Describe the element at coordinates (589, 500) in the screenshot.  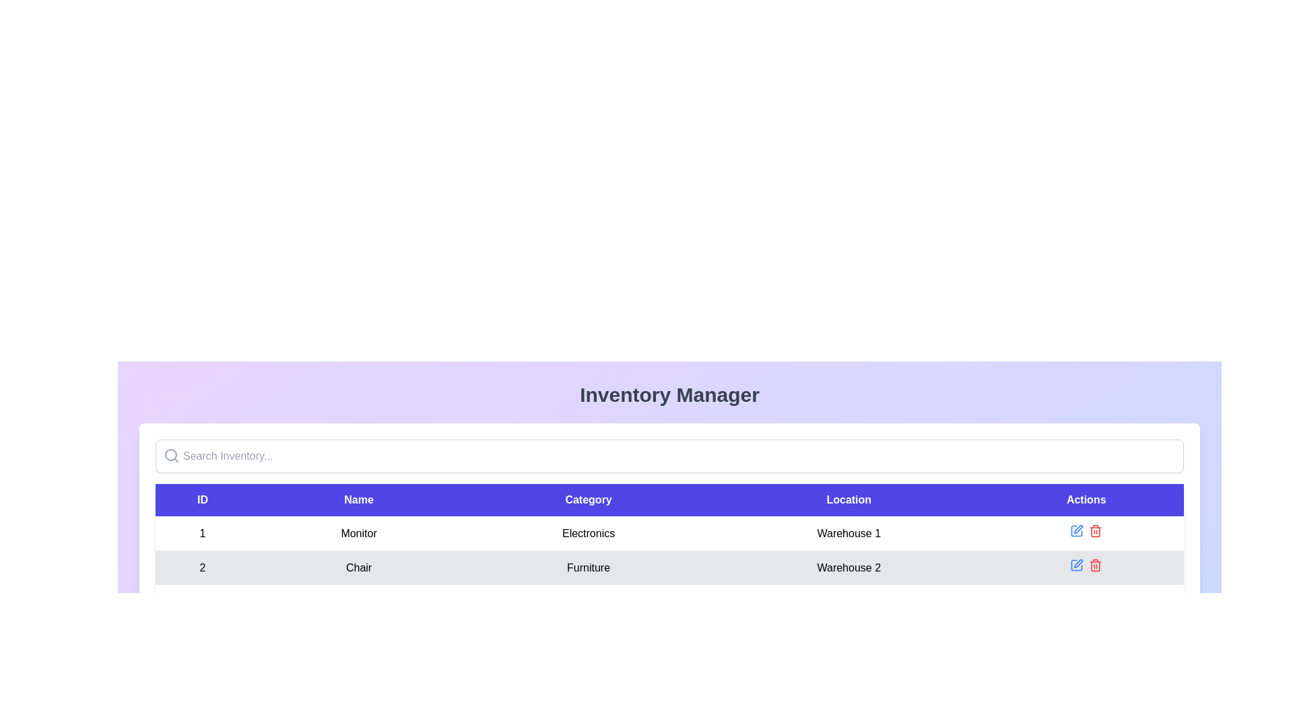
I see `the third column header in the table that indicates categories of listed items, which is centrally located between 'ID' and 'Name' on the header row` at that location.